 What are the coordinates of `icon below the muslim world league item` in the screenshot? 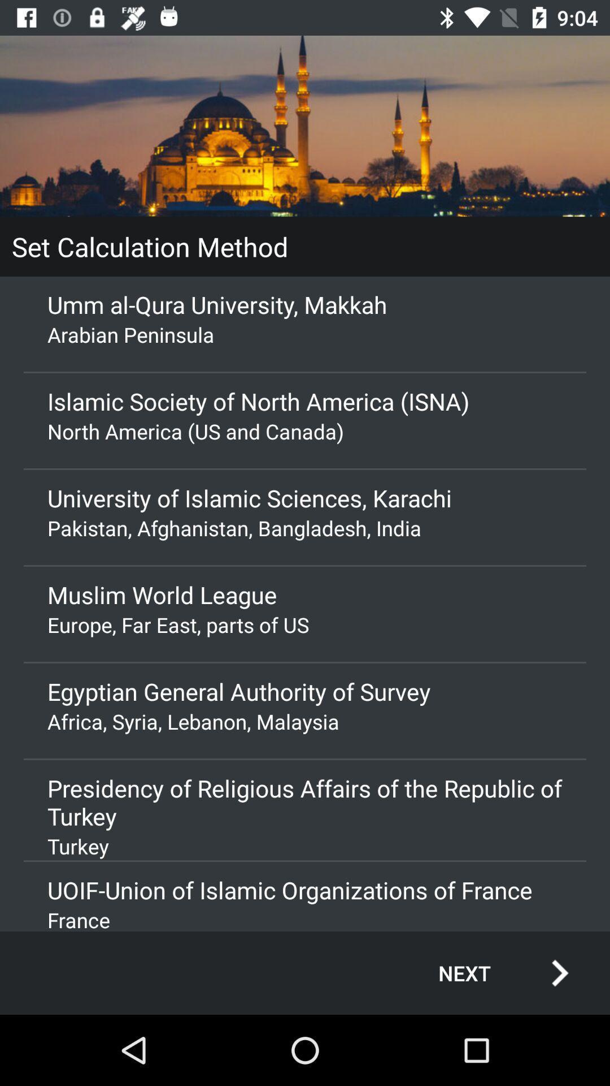 It's located at (305, 624).